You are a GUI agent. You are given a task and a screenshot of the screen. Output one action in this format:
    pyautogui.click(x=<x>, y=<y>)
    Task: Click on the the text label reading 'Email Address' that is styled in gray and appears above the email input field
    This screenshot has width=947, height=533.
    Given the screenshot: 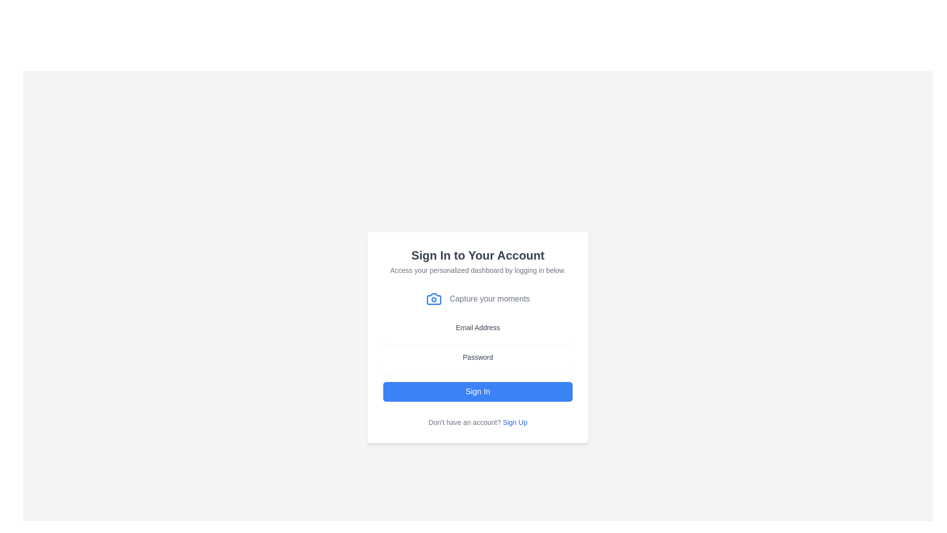 What is the action you would take?
    pyautogui.click(x=478, y=327)
    